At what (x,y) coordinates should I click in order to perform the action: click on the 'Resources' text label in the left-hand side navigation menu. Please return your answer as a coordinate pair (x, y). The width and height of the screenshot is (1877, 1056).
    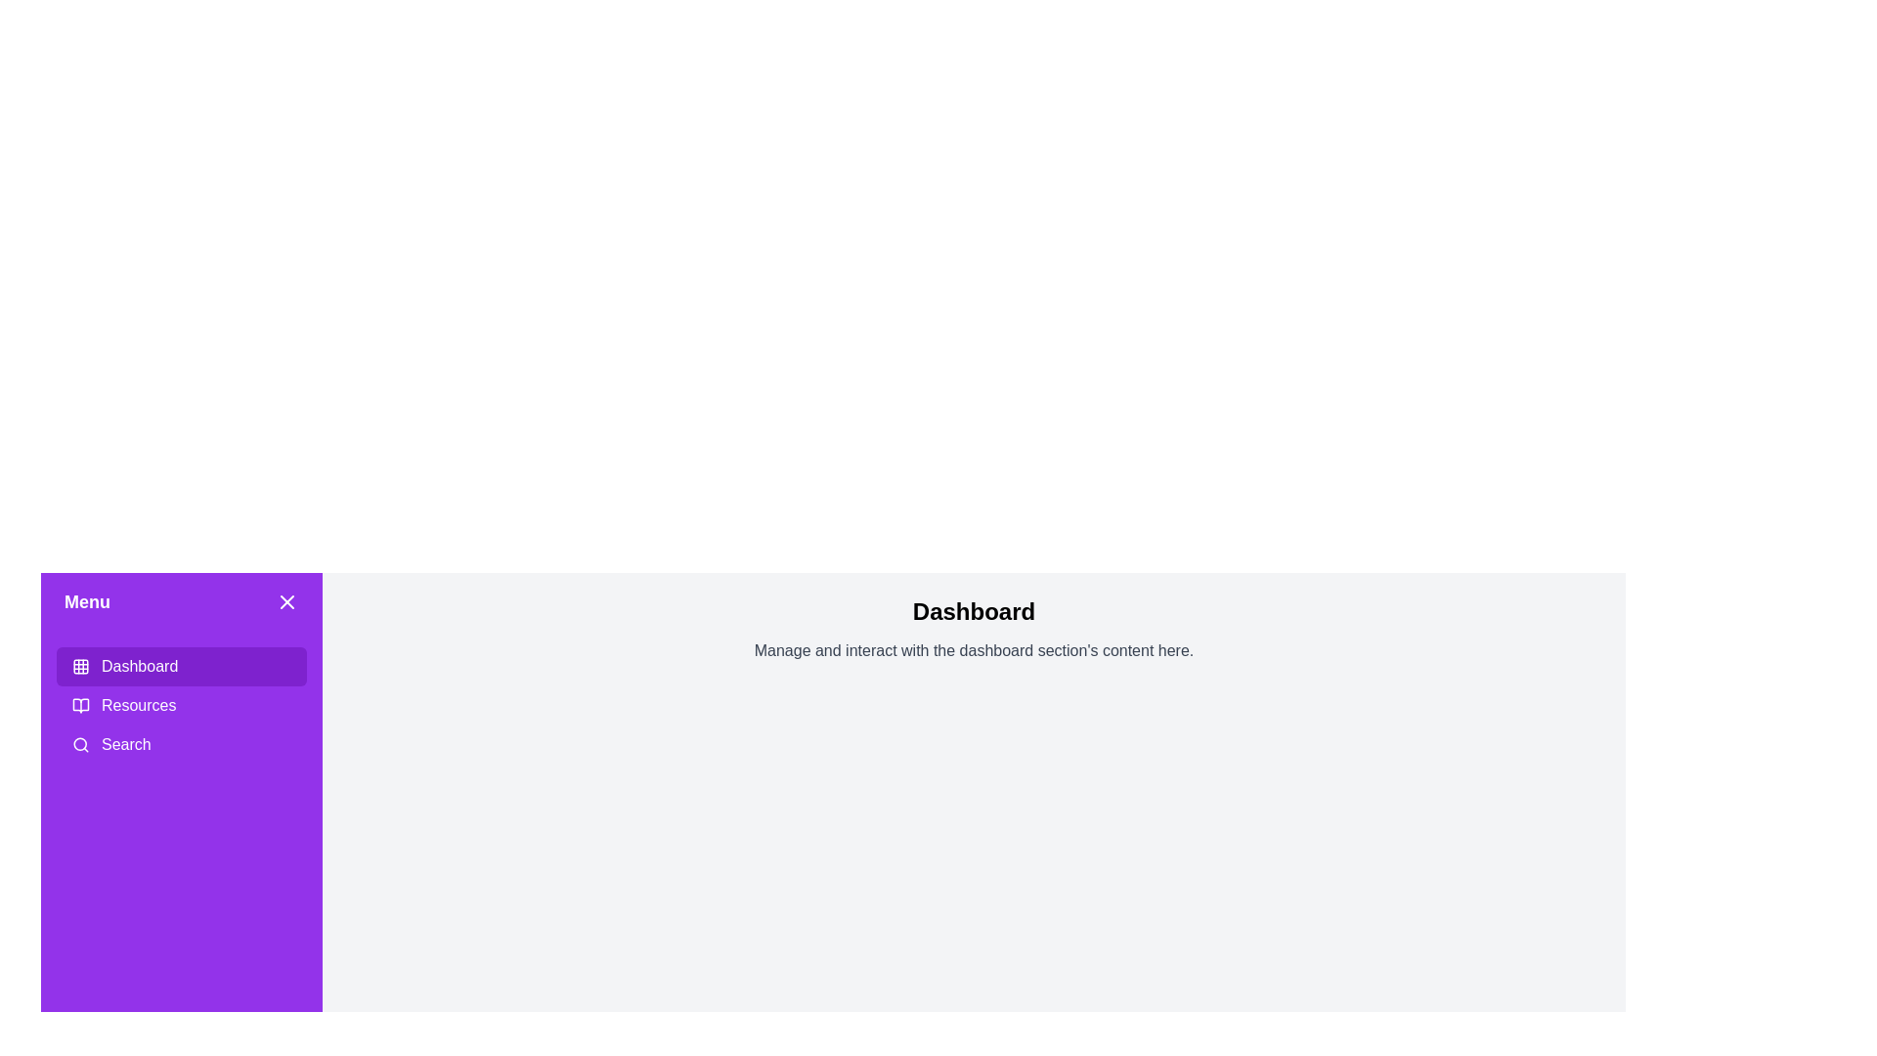
    Looking at the image, I should click on (138, 705).